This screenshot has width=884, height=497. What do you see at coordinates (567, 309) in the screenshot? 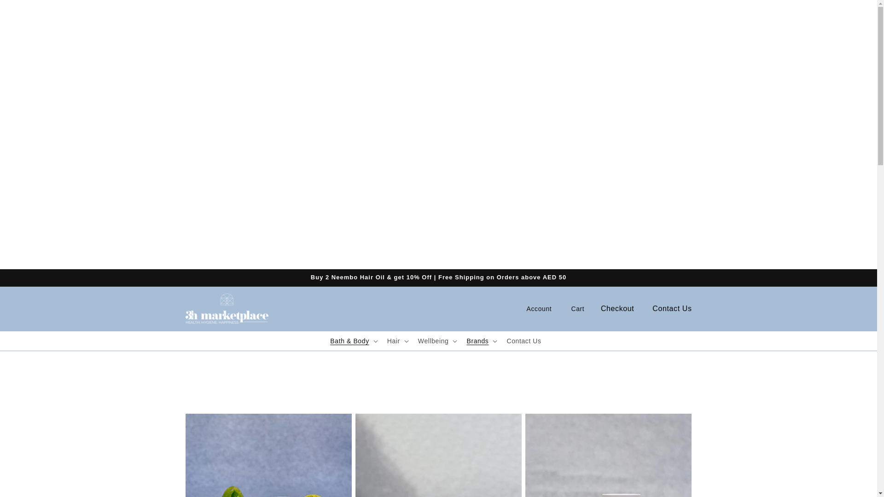
I see `'Cart` at bounding box center [567, 309].